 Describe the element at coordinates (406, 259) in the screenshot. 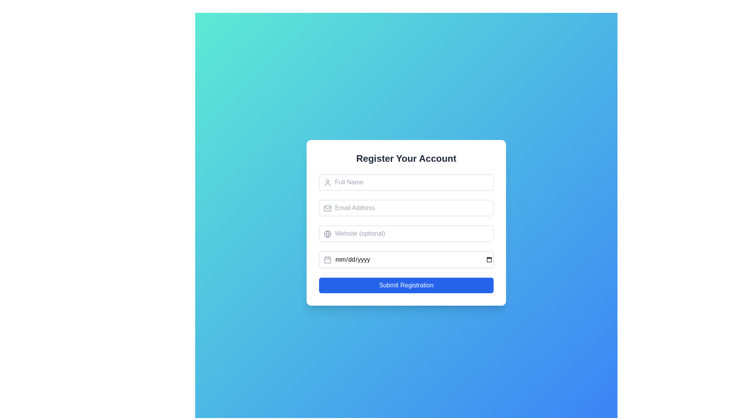

I see `on the date input field, which is styled with a gray border and rounded corners, located below the 'Website (optional)' input field and above the 'Submit Registration' button` at that location.